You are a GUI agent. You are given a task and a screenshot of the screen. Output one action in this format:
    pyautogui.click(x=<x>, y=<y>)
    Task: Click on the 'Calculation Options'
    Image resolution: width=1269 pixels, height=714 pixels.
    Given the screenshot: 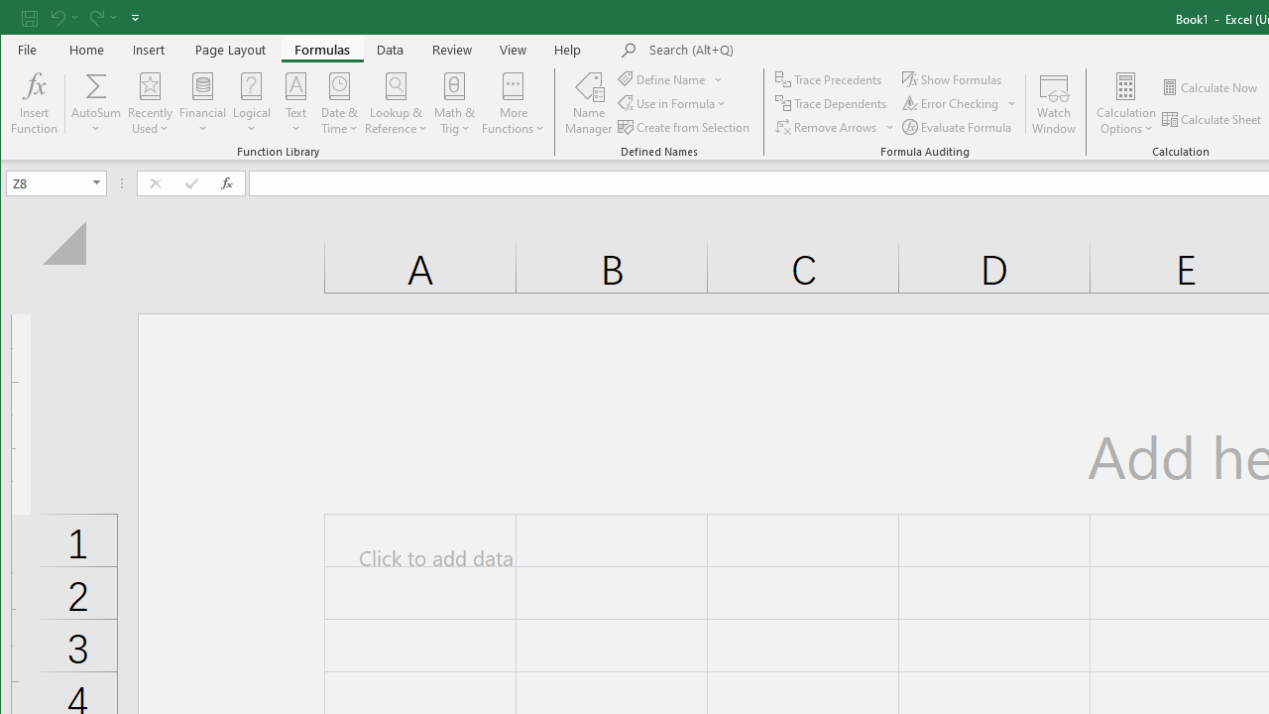 What is the action you would take?
    pyautogui.click(x=1126, y=103)
    